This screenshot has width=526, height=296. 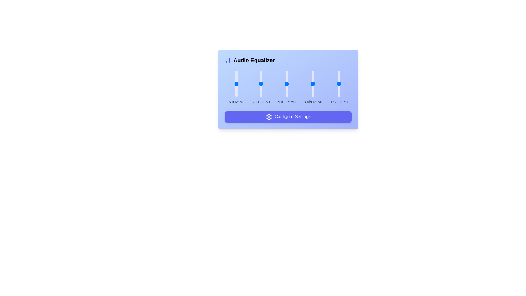 I want to click on the slider value, so click(x=339, y=71).